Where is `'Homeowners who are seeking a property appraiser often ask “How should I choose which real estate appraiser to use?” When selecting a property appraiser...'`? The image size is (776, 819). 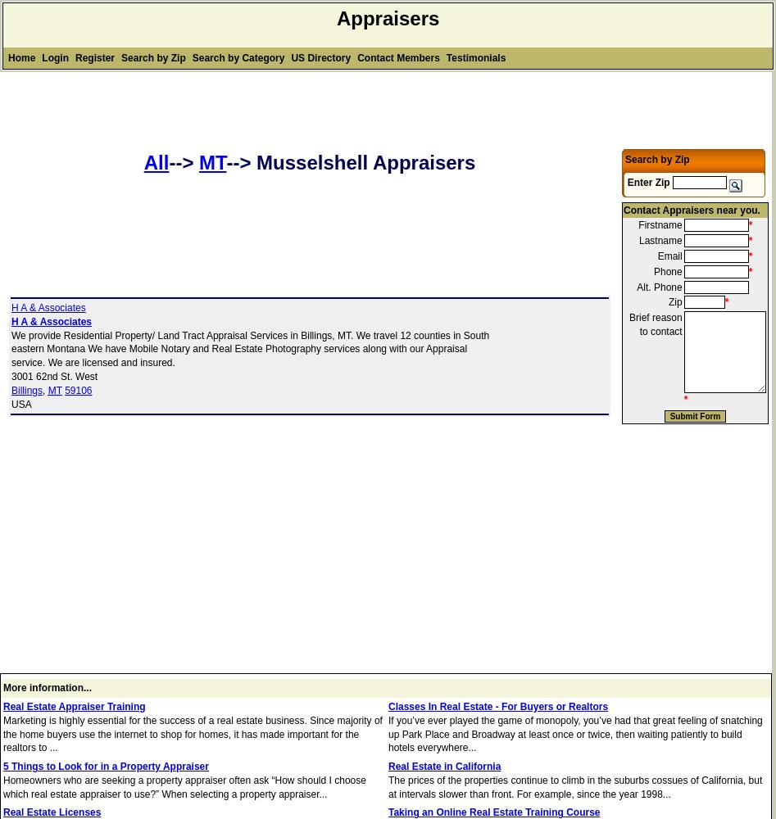 'Homeowners who are seeking a property appraiser often ask “How should I choose which real estate appraiser to use?” When selecting a property appraiser...' is located at coordinates (184, 785).